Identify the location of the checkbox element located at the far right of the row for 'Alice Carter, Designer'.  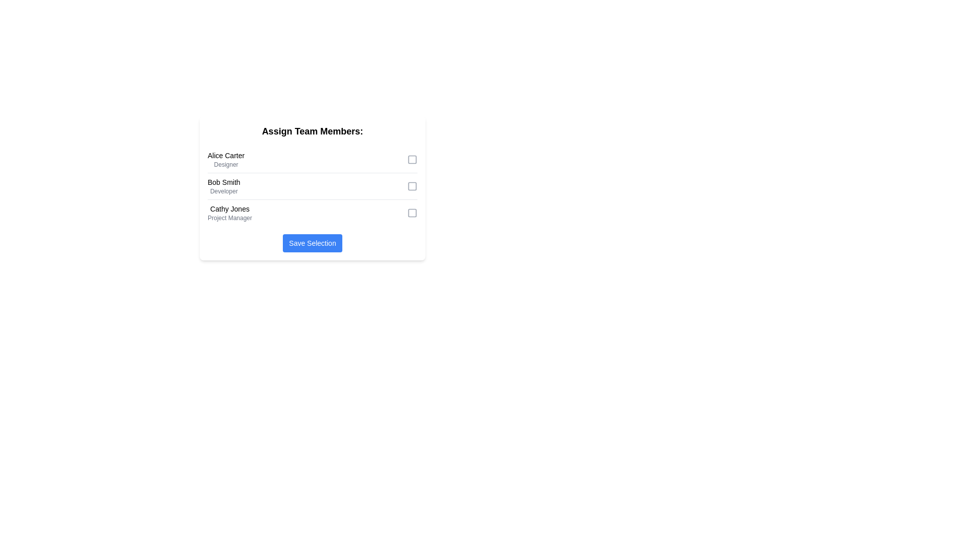
(412, 159).